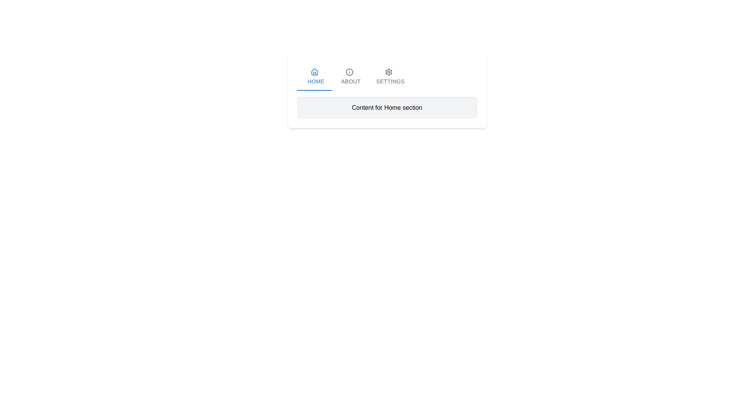 The width and height of the screenshot is (745, 419). What do you see at coordinates (314, 76) in the screenshot?
I see `the 'Home' navigation tab, which is the first tab in the horizontal tab group located at the top-left of the tab list` at bounding box center [314, 76].